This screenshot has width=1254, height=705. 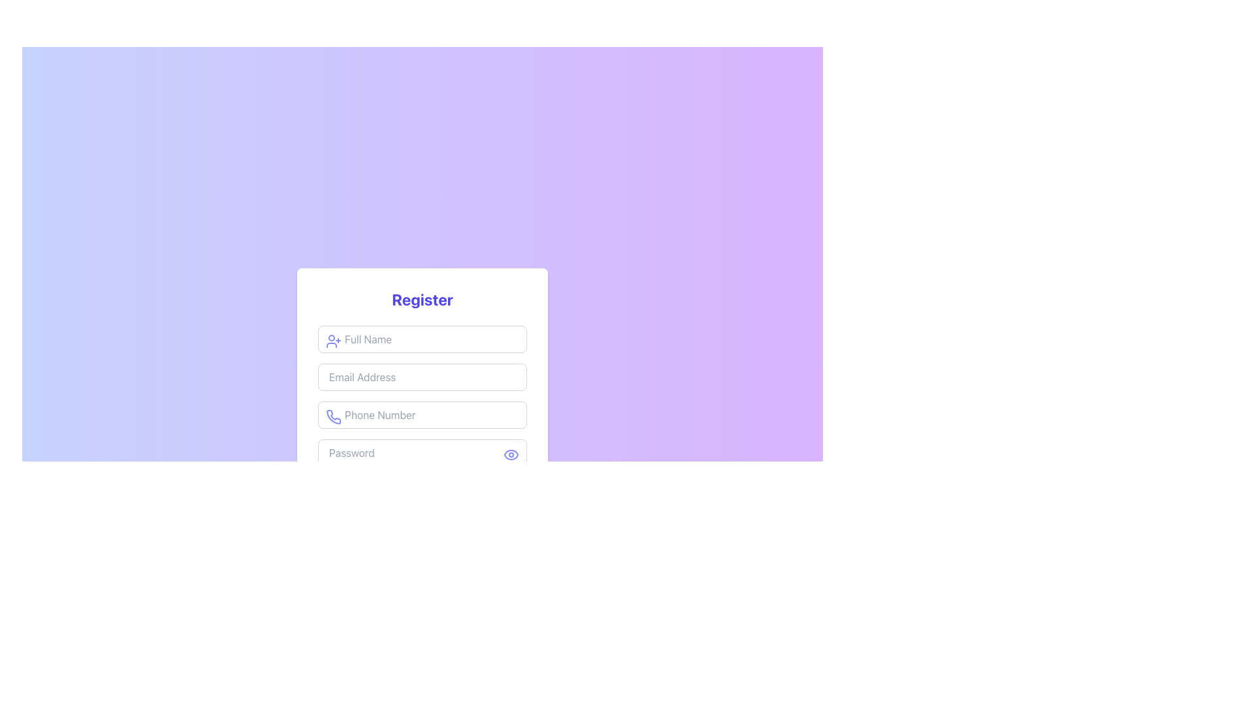 I want to click on to focus on the email input field, which is the second input field in the registration form, located directly below the 'Full Name' field and above the 'Phone Number' field, so click(x=423, y=377).